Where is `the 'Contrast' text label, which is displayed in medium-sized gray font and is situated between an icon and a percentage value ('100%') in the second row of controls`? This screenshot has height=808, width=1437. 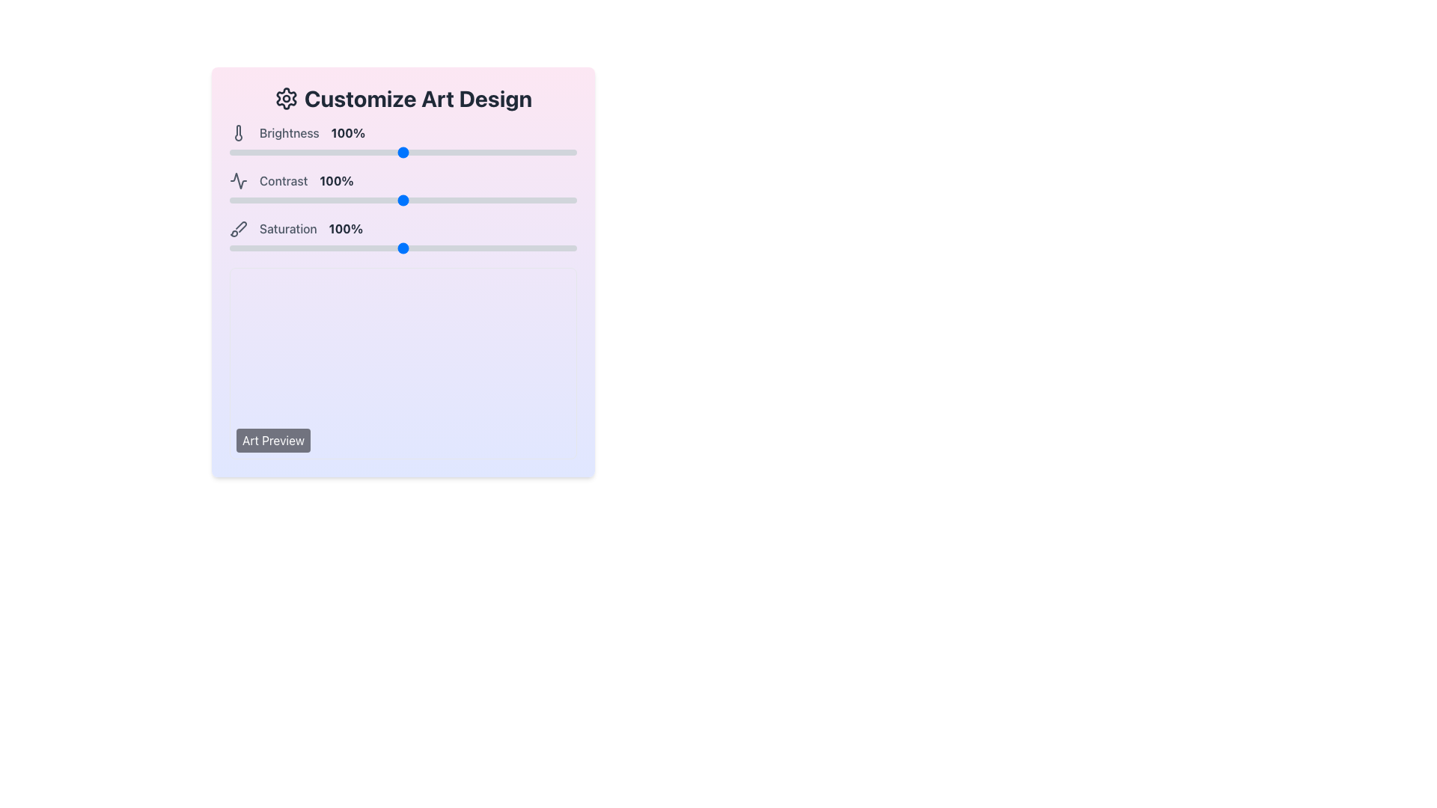 the 'Contrast' text label, which is displayed in medium-sized gray font and is situated between an icon and a percentage value ('100%') in the second row of controls is located at coordinates (284, 180).